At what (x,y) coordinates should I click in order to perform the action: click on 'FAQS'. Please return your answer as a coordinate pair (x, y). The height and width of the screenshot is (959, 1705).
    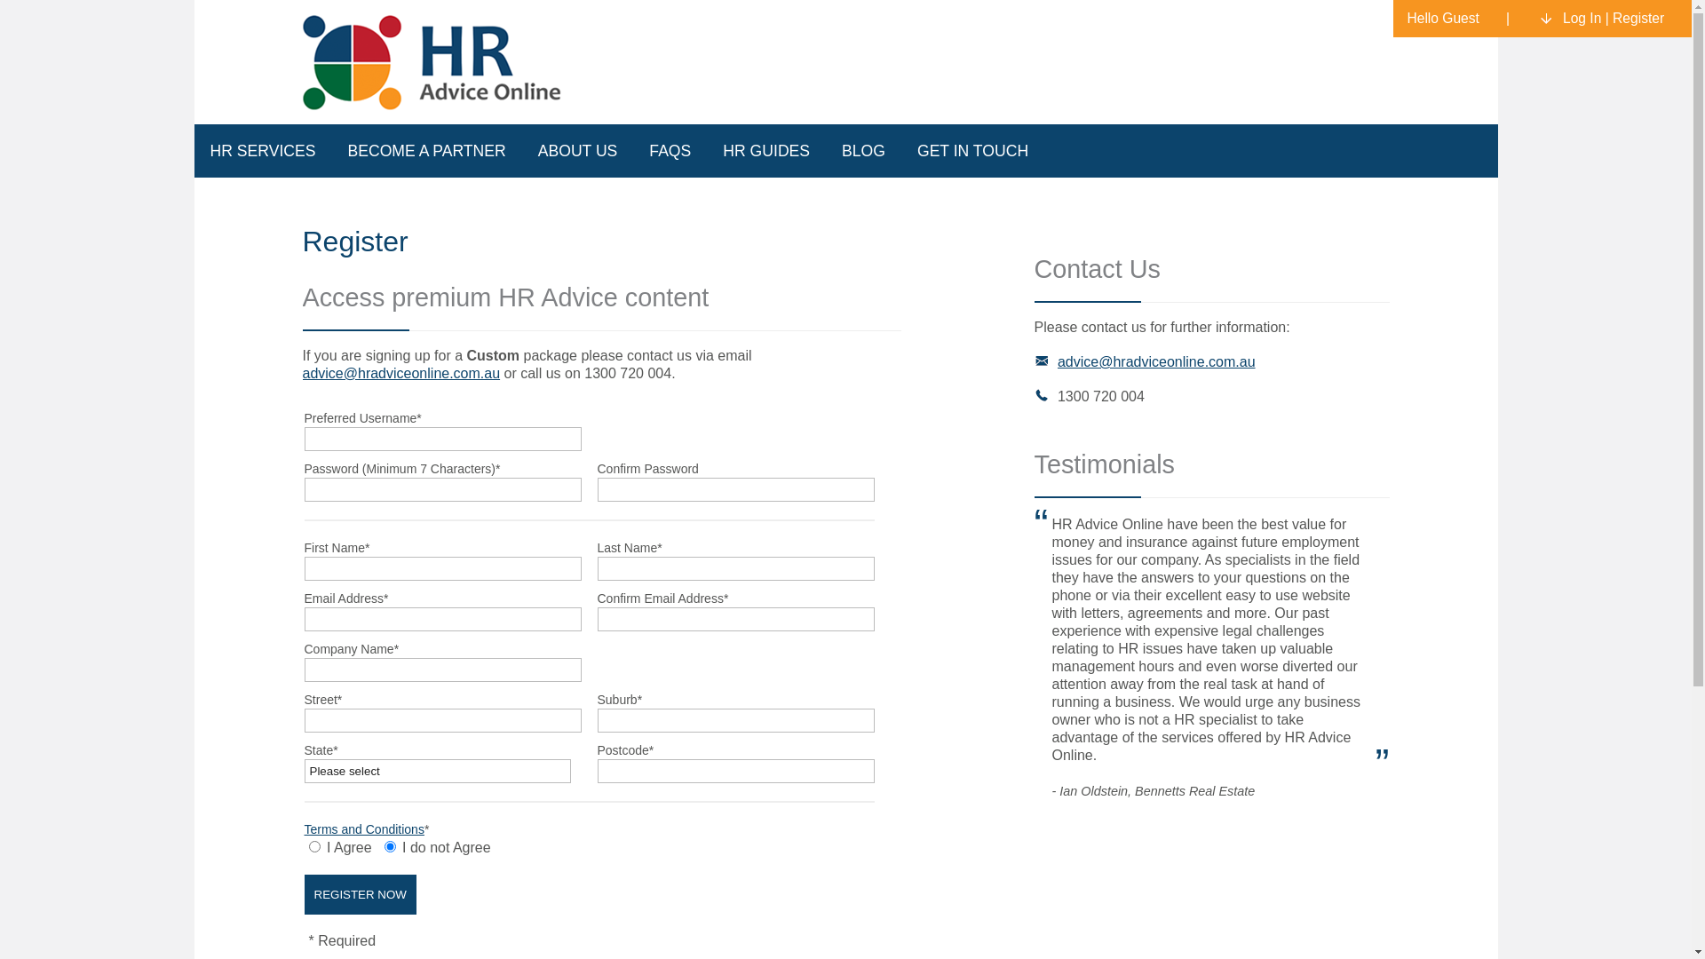
    Looking at the image, I should click on (669, 149).